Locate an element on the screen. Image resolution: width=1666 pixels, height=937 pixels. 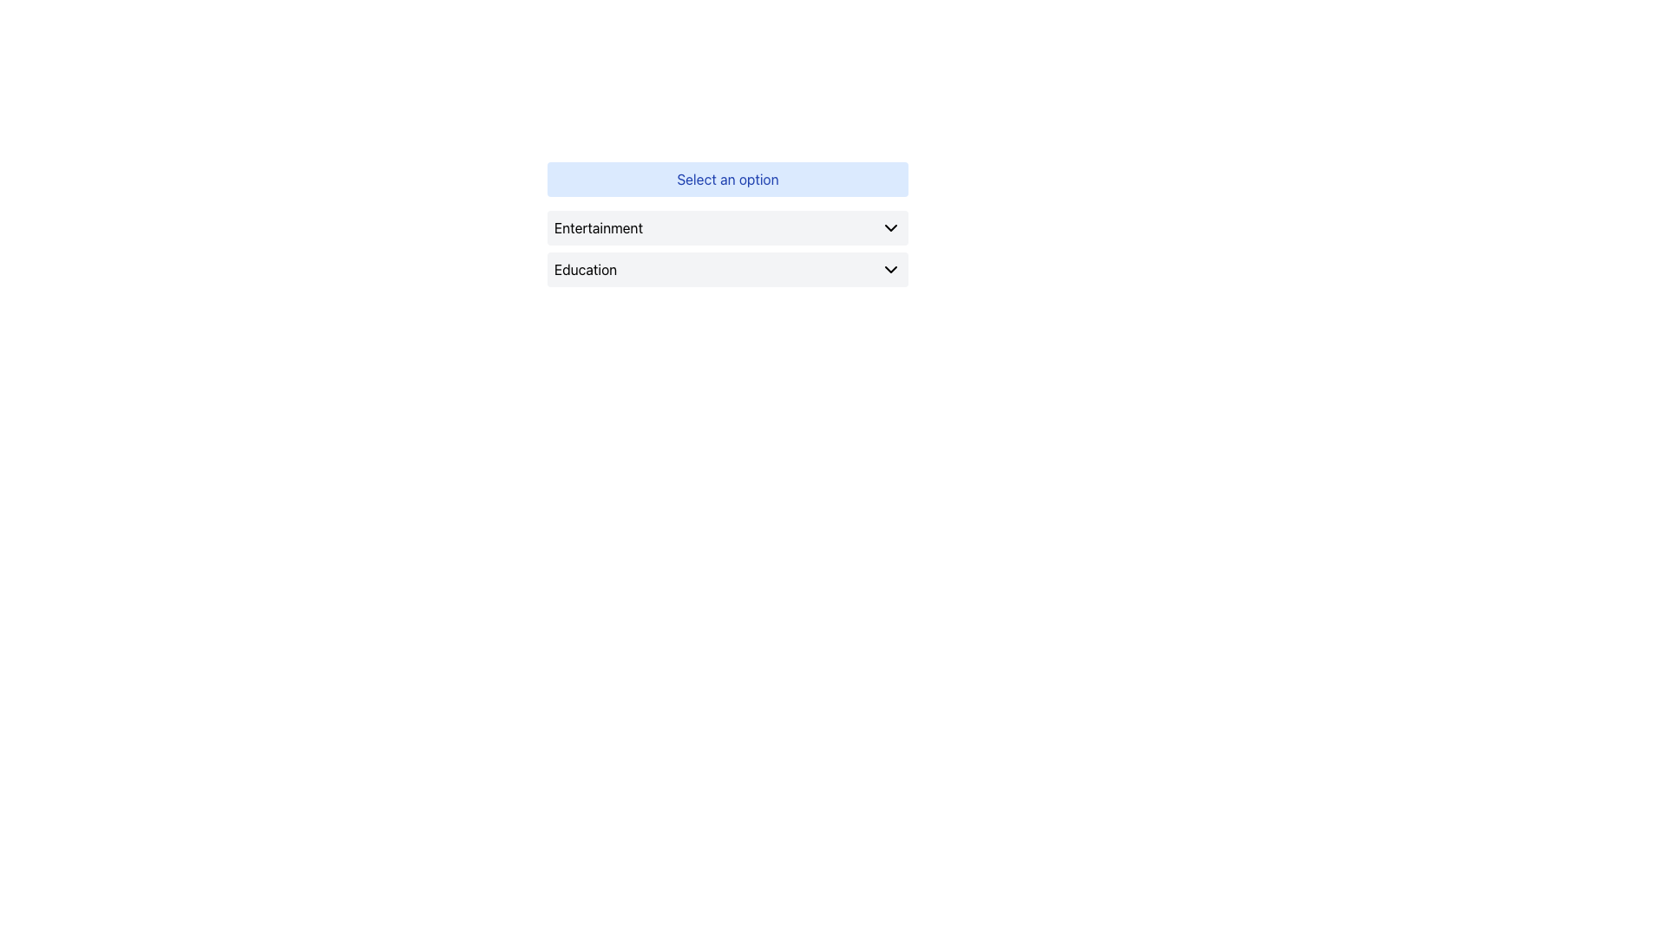
the small downward-pointing chevron icon located to the right of the text 'Entertainment' in the top option of a dropdown interface is located at coordinates (891, 226).